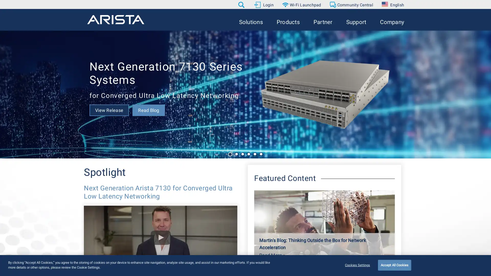 This screenshot has width=491, height=276. What do you see at coordinates (357, 265) in the screenshot?
I see `Cookies Settings` at bounding box center [357, 265].